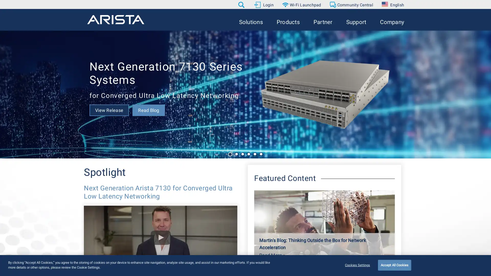 This screenshot has width=491, height=276. What do you see at coordinates (357, 265) in the screenshot?
I see `Cookies Settings` at bounding box center [357, 265].